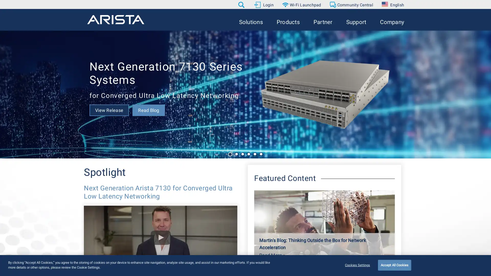 This screenshot has width=491, height=276. What do you see at coordinates (357, 265) in the screenshot?
I see `Cookies Settings` at bounding box center [357, 265].